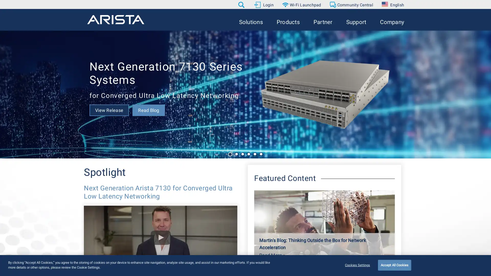 This screenshot has width=491, height=276. What do you see at coordinates (357, 265) in the screenshot?
I see `Cookies Settings` at bounding box center [357, 265].